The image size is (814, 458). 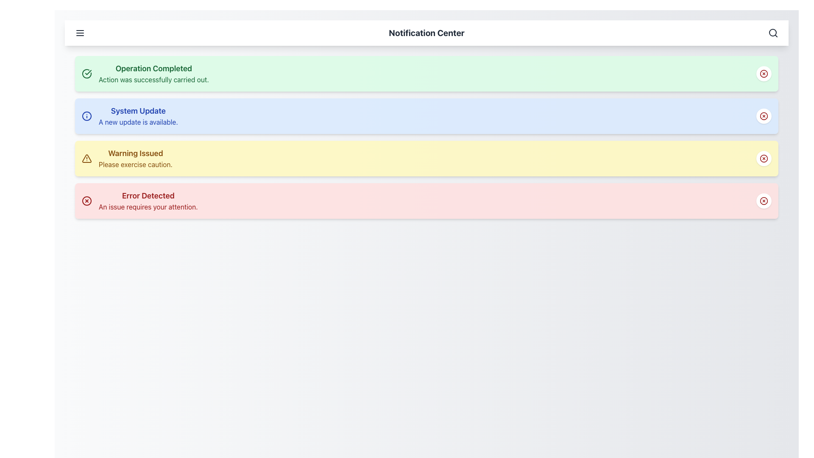 What do you see at coordinates (773, 32) in the screenshot?
I see `the magnifying glass icon in the navigation bar to initiate a search` at bounding box center [773, 32].